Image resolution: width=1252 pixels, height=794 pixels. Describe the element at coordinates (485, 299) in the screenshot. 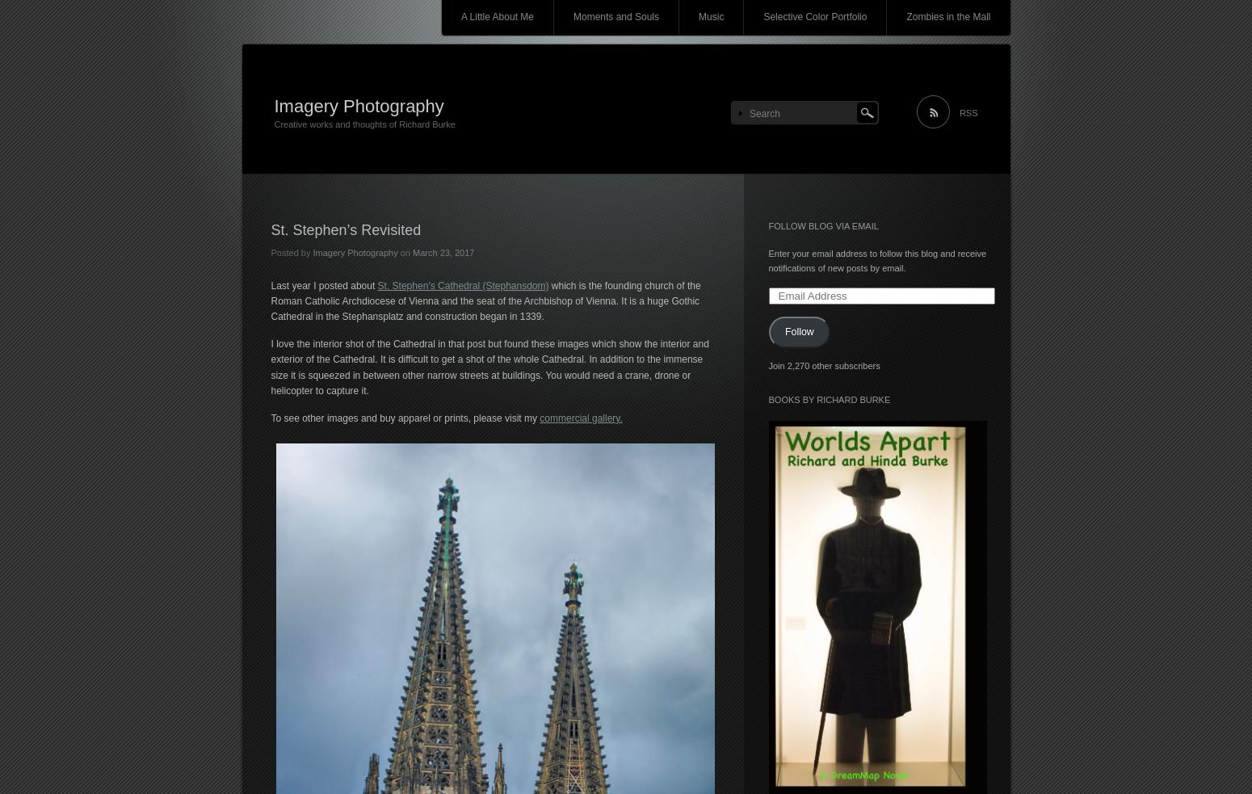

I see `'which is the founding church of the Roman Catholic Archdiocese of Vienna and the seat of the Archbishop of Vienna. It is a huge Gothic Cathedral in the Stephansplatz and construction began in 1339.'` at that location.